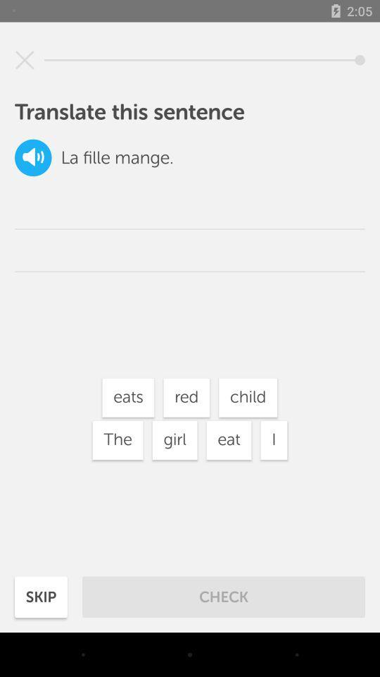  I want to click on the icon to the left of girl icon, so click(117, 439).